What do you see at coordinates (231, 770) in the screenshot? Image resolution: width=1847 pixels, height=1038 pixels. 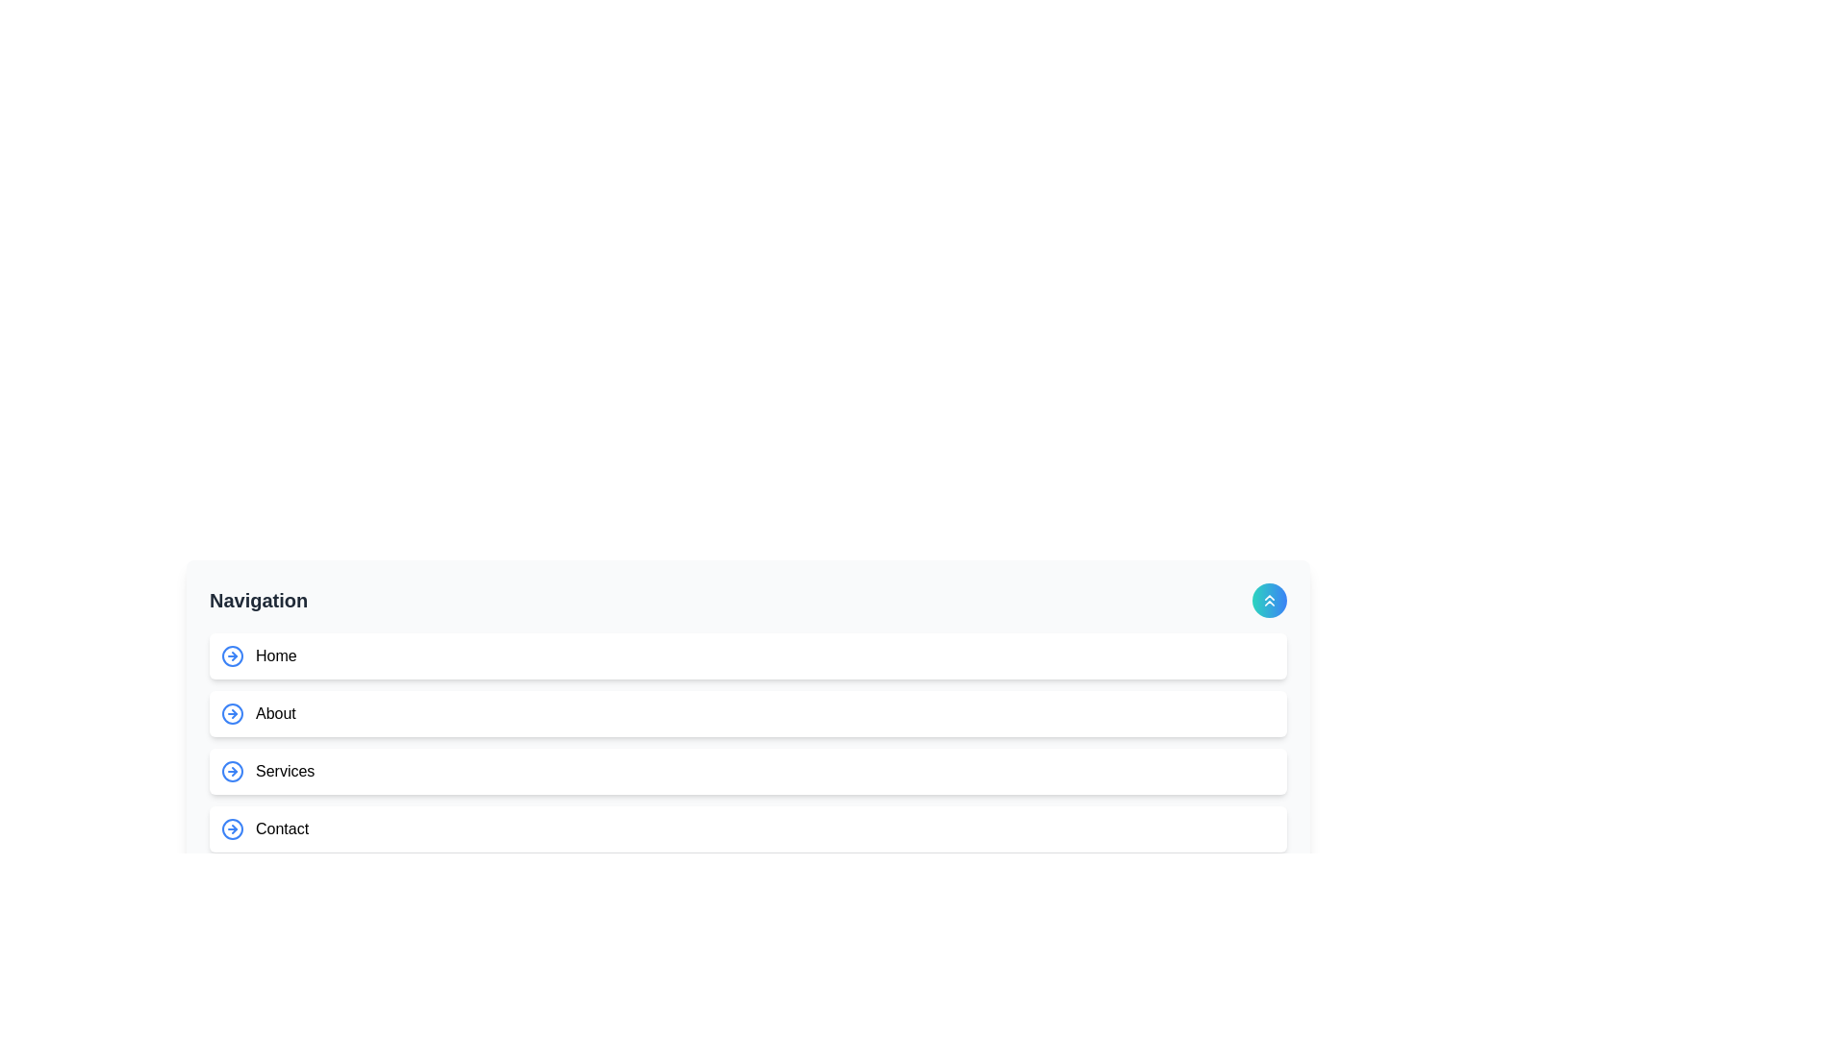 I see `the navigational icon that indicates the 'Services' item in the vertical navigation menu` at bounding box center [231, 770].